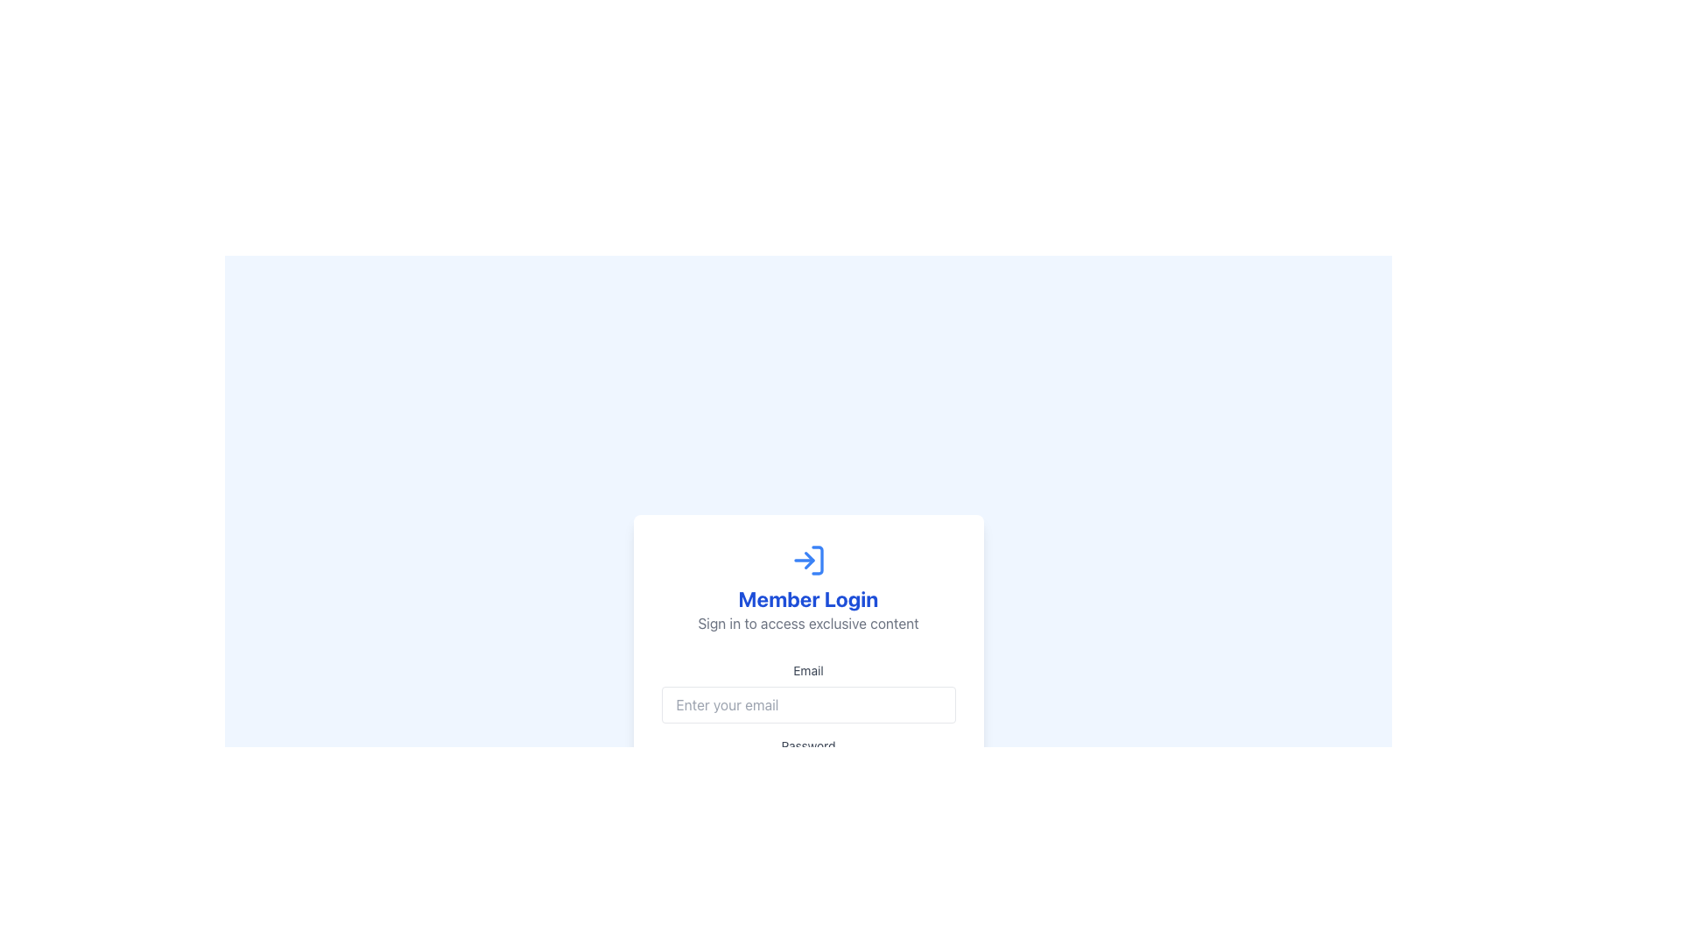  What do you see at coordinates (807, 670) in the screenshot?
I see `the label indicating the purpose of the email input field, which is positioned above the text input field` at bounding box center [807, 670].